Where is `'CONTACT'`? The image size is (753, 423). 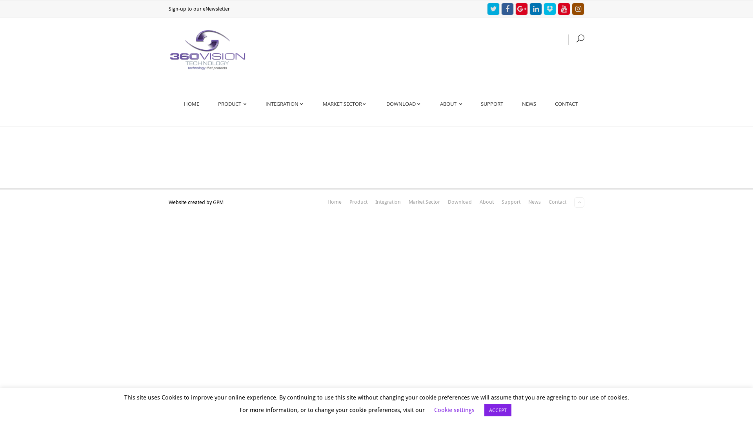
'CONTACT' is located at coordinates (566, 103).